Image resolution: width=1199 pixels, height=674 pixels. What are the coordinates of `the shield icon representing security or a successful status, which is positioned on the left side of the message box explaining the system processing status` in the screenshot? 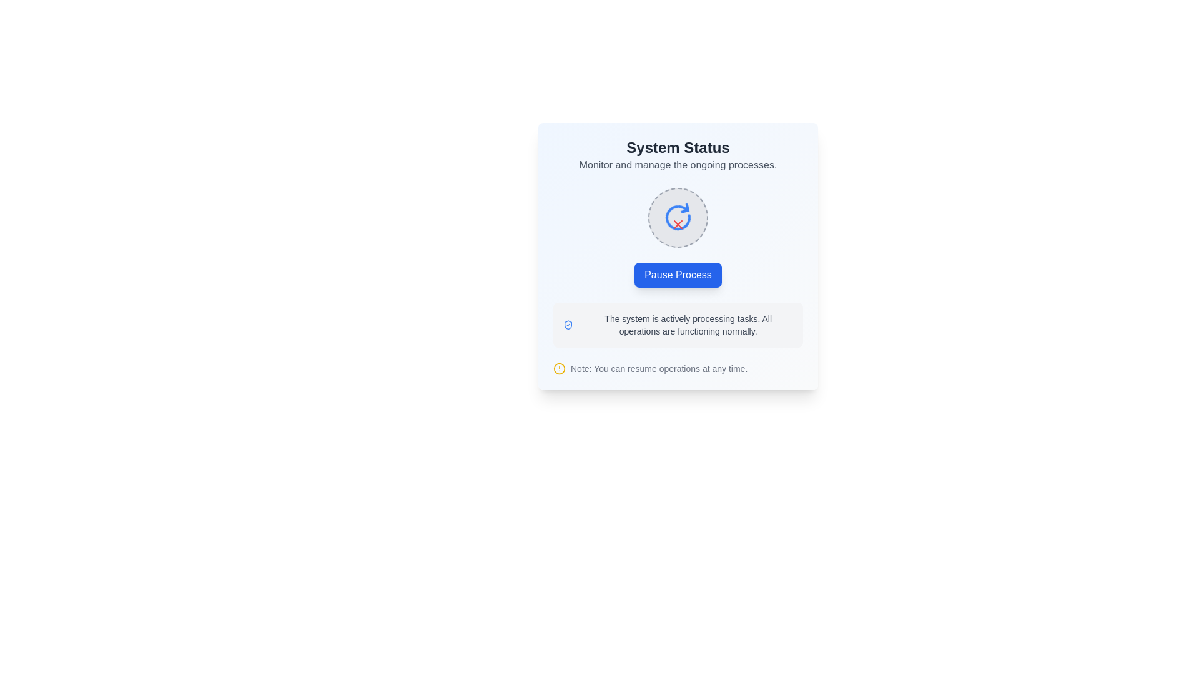 It's located at (568, 324).